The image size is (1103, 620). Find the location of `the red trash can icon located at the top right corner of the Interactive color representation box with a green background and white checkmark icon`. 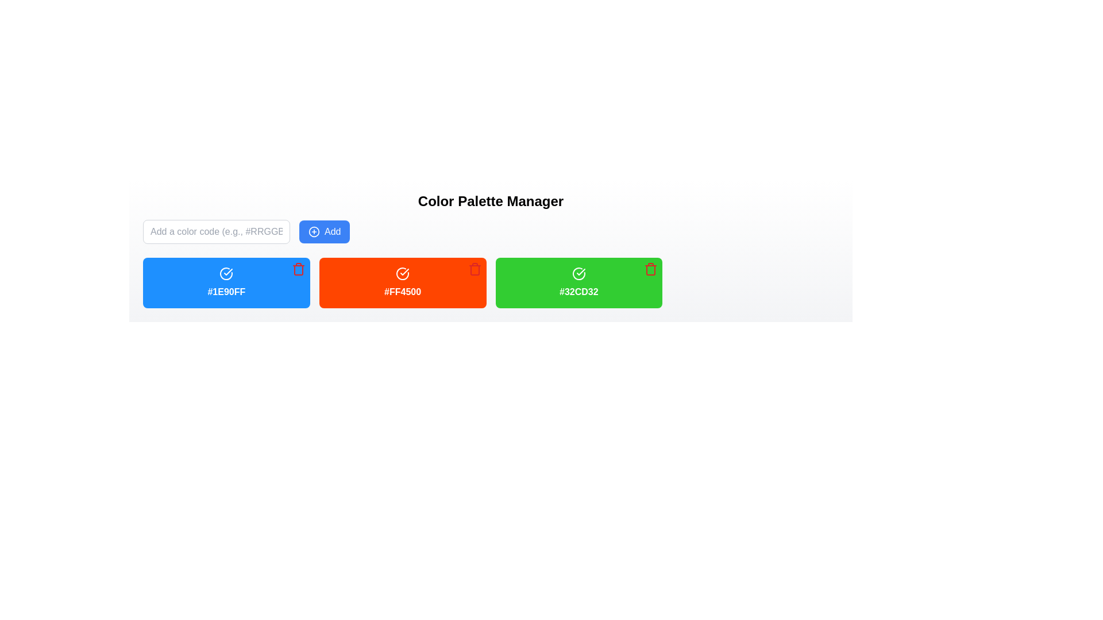

the red trash can icon located at the top right corner of the Interactive color representation box with a green background and white checkmark icon is located at coordinates (579, 283).